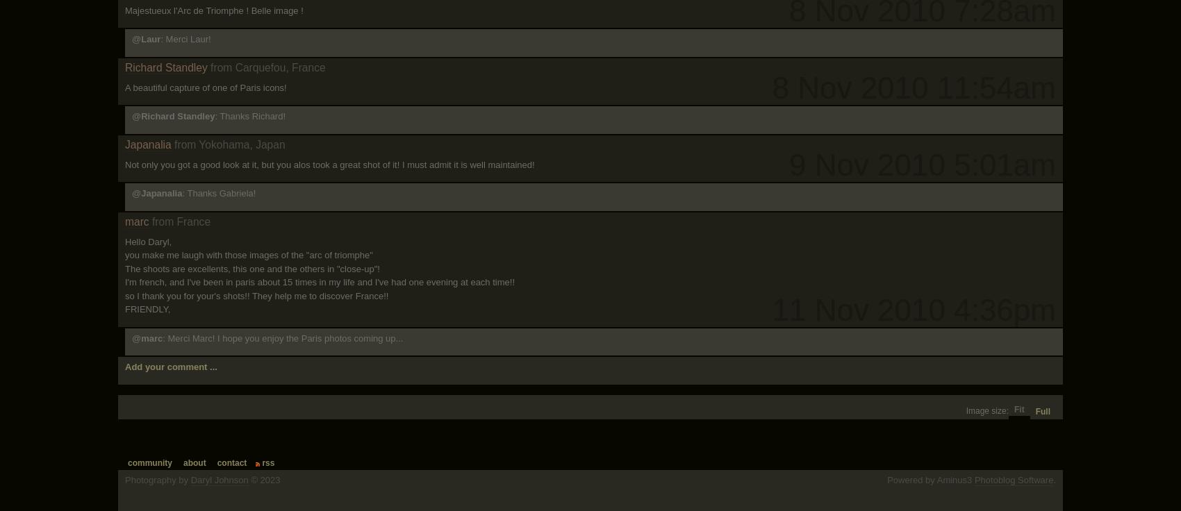 The image size is (1181, 511). I want to click on 'from Yokohama, Japan', so click(174, 143).